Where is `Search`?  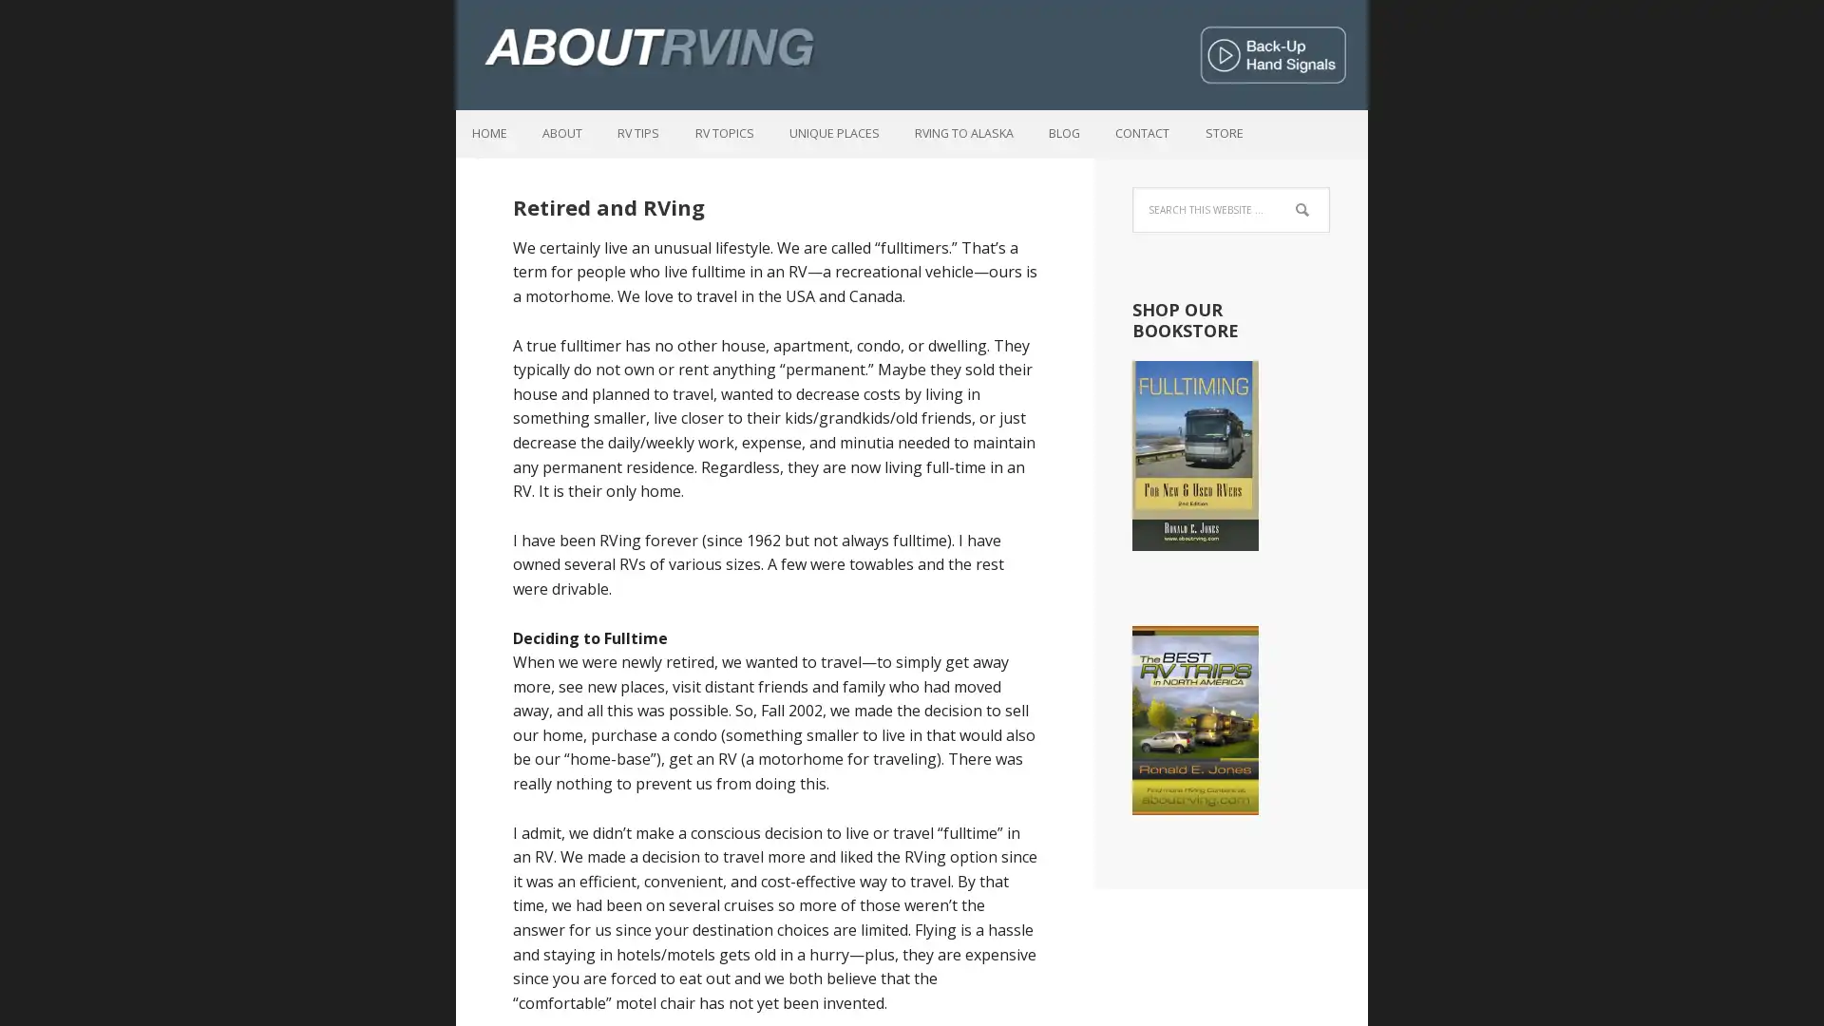 Search is located at coordinates (1328, 199).